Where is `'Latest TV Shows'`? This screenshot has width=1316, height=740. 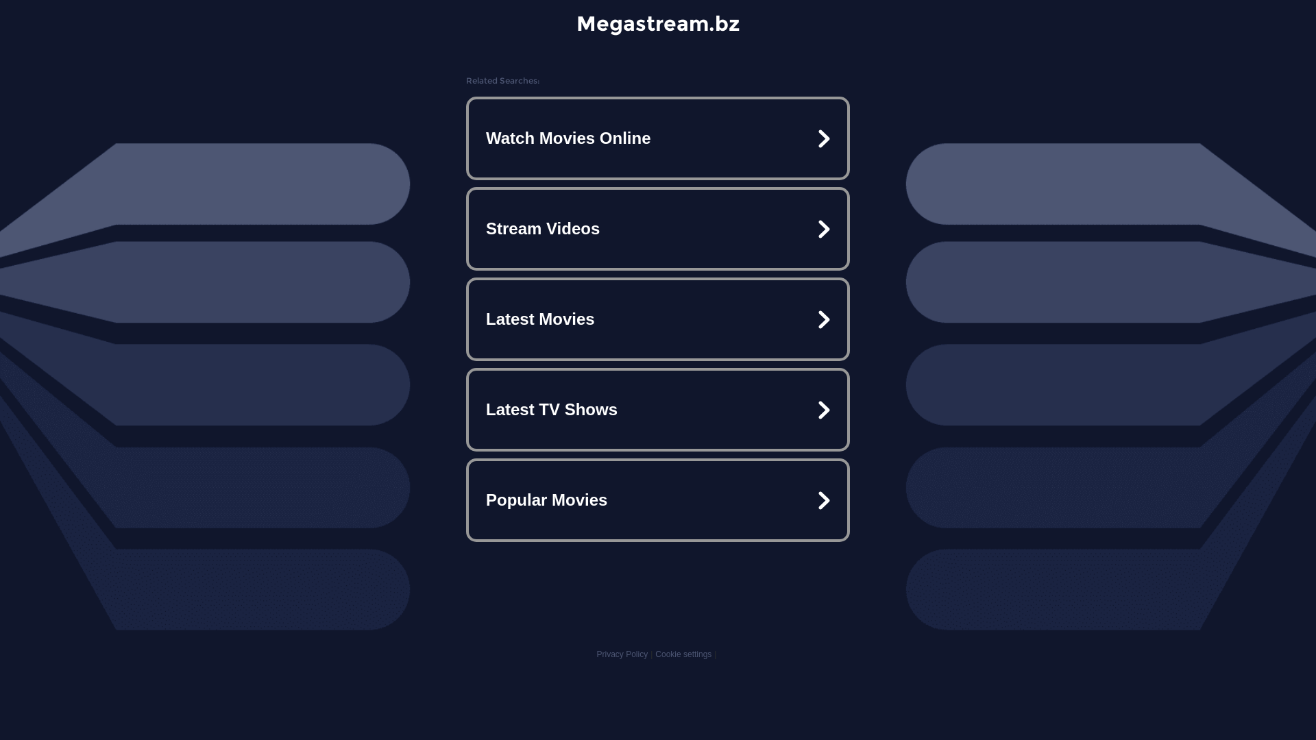
'Latest TV Shows' is located at coordinates (658, 408).